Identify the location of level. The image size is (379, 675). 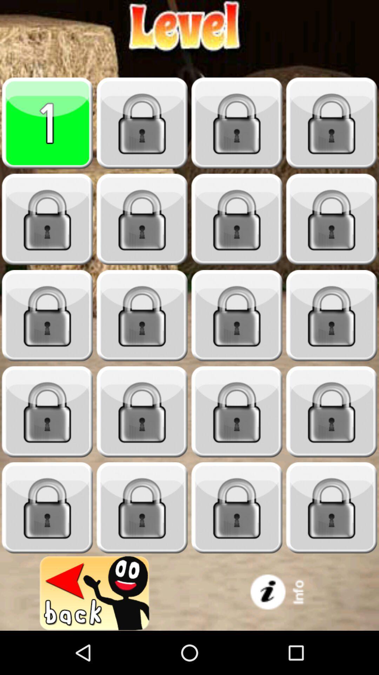
(142, 219).